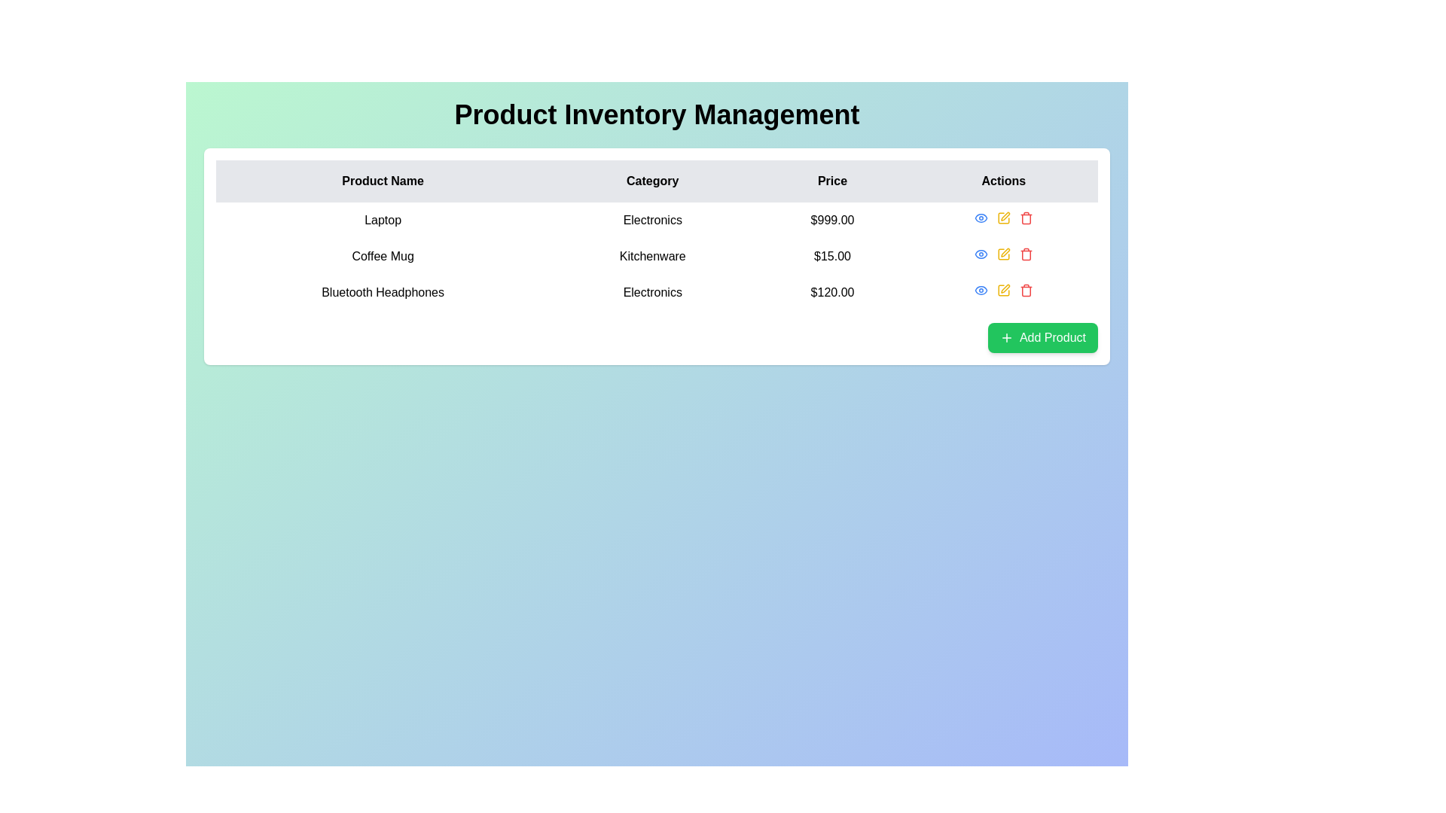  I want to click on the Table Header Row which includes the labels 'Product Name', 'Category', 'Price', and 'Actions', so click(657, 180).